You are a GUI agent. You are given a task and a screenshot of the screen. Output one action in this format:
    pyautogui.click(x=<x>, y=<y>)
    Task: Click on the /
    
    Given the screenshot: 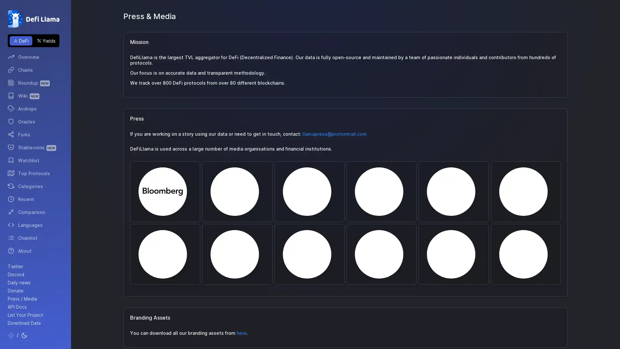 What is the action you would take?
    pyautogui.click(x=17, y=335)
    